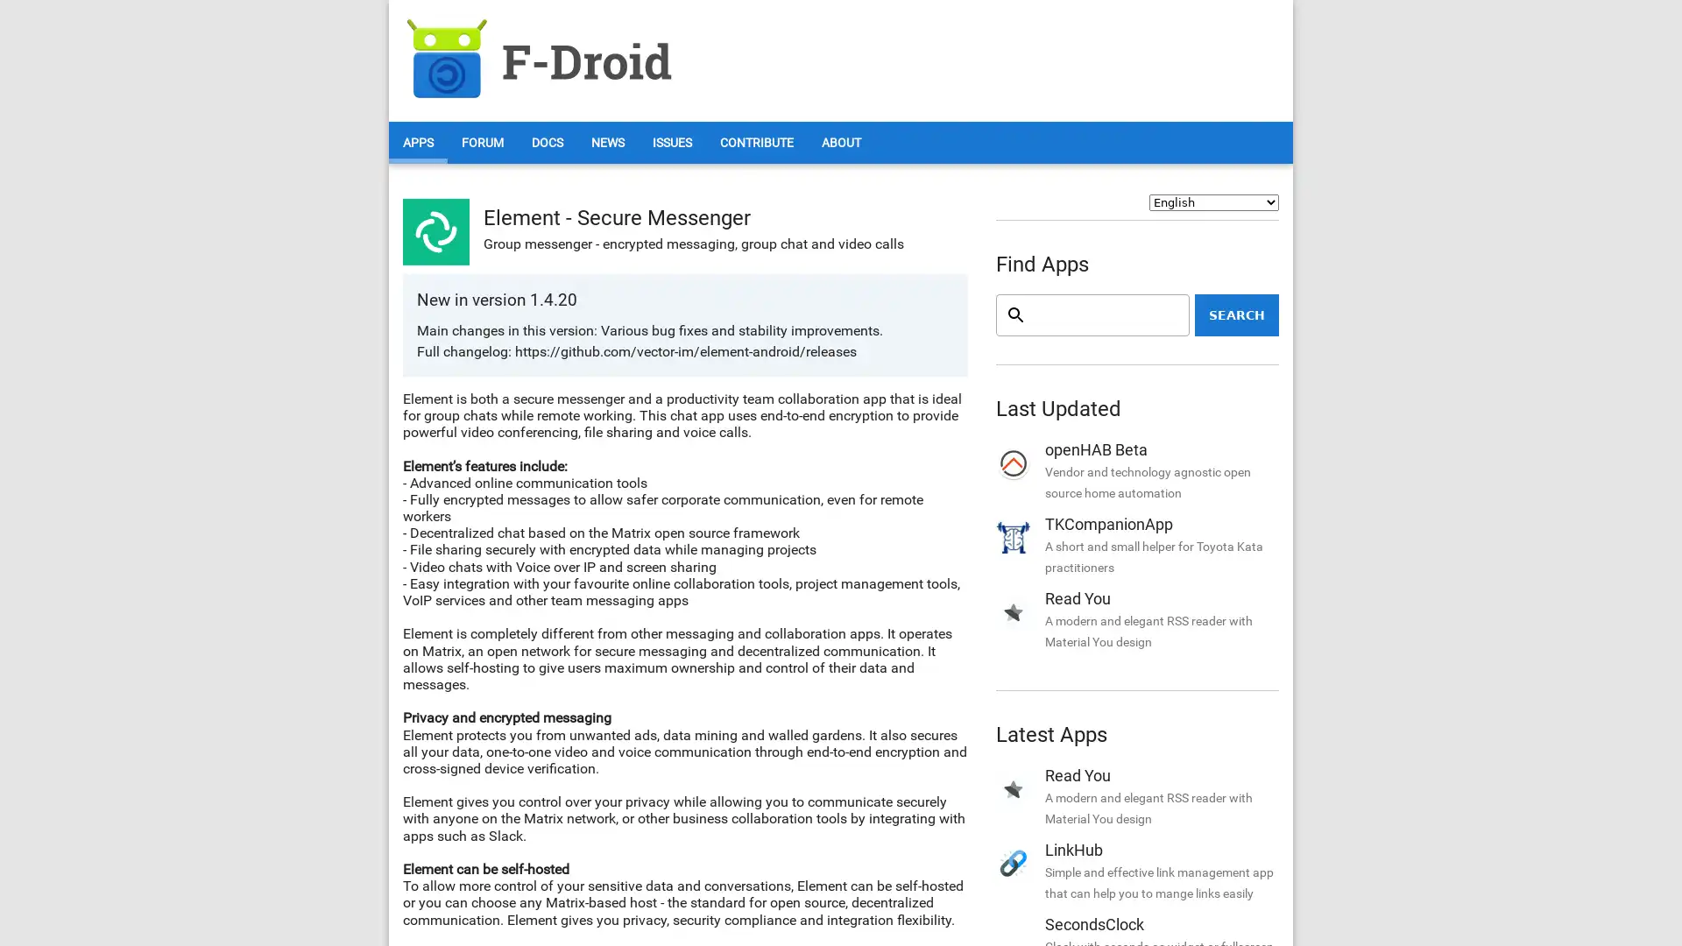 This screenshot has width=1682, height=946. What do you see at coordinates (1235, 313) in the screenshot?
I see `Search` at bounding box center [1235, 313].